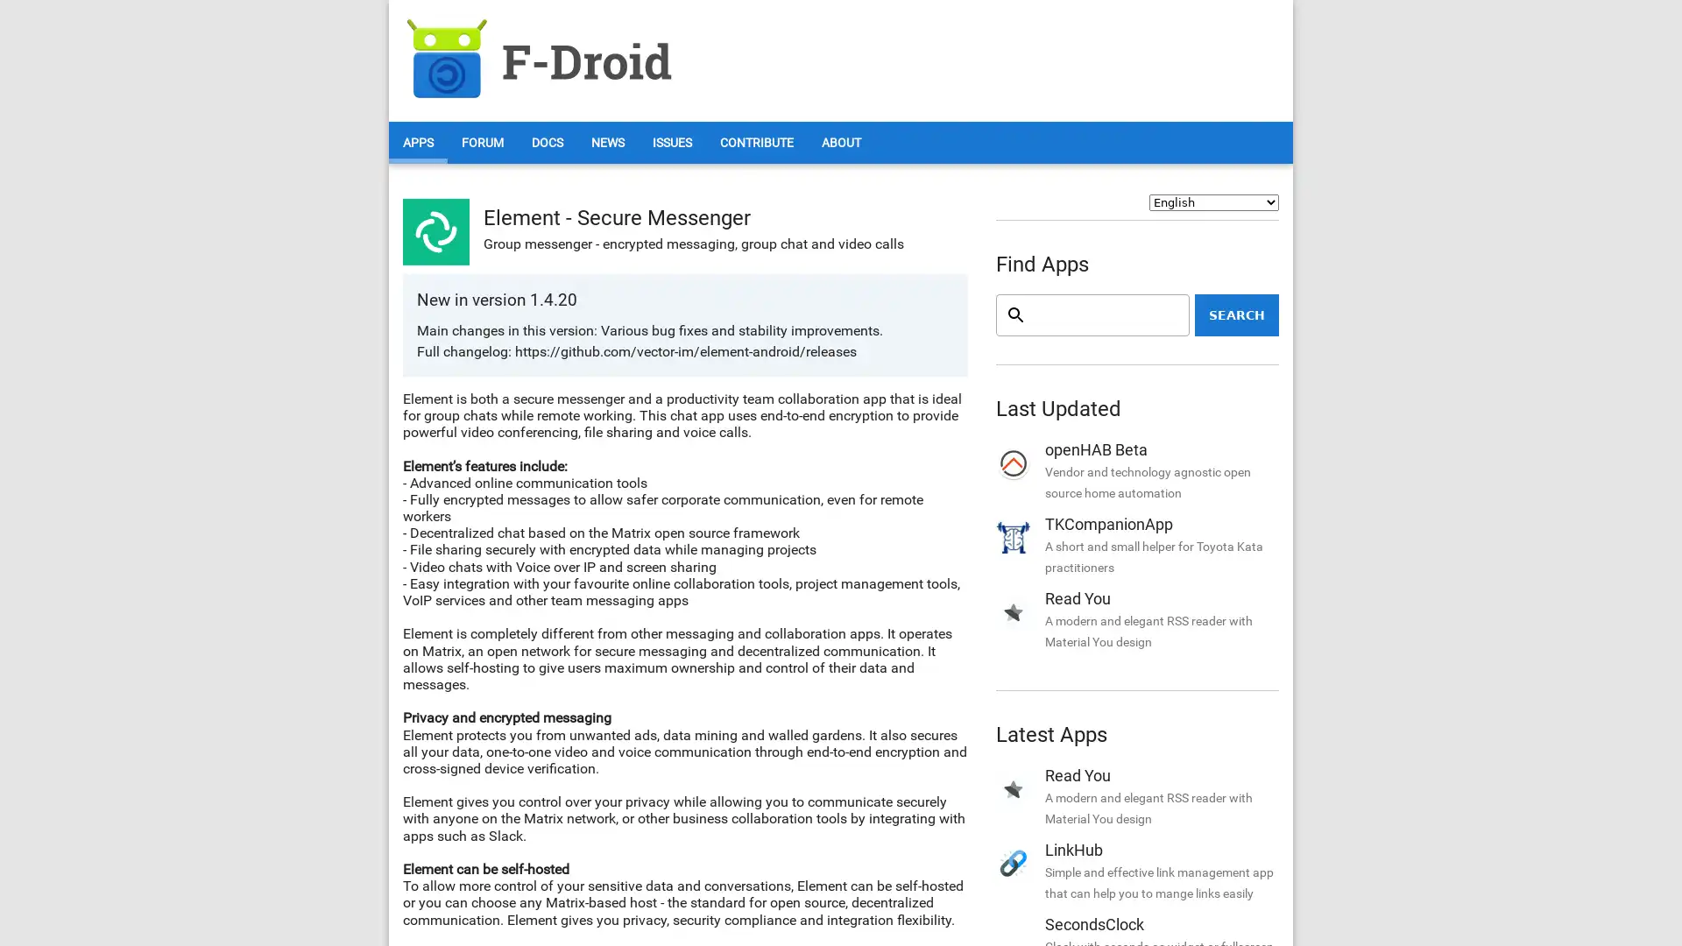 This screenshot has width=1682, height=946. What do you see at coordinates (1235, 313) in the screenshot?
I see `Search` at bounding box center [1235, 313].